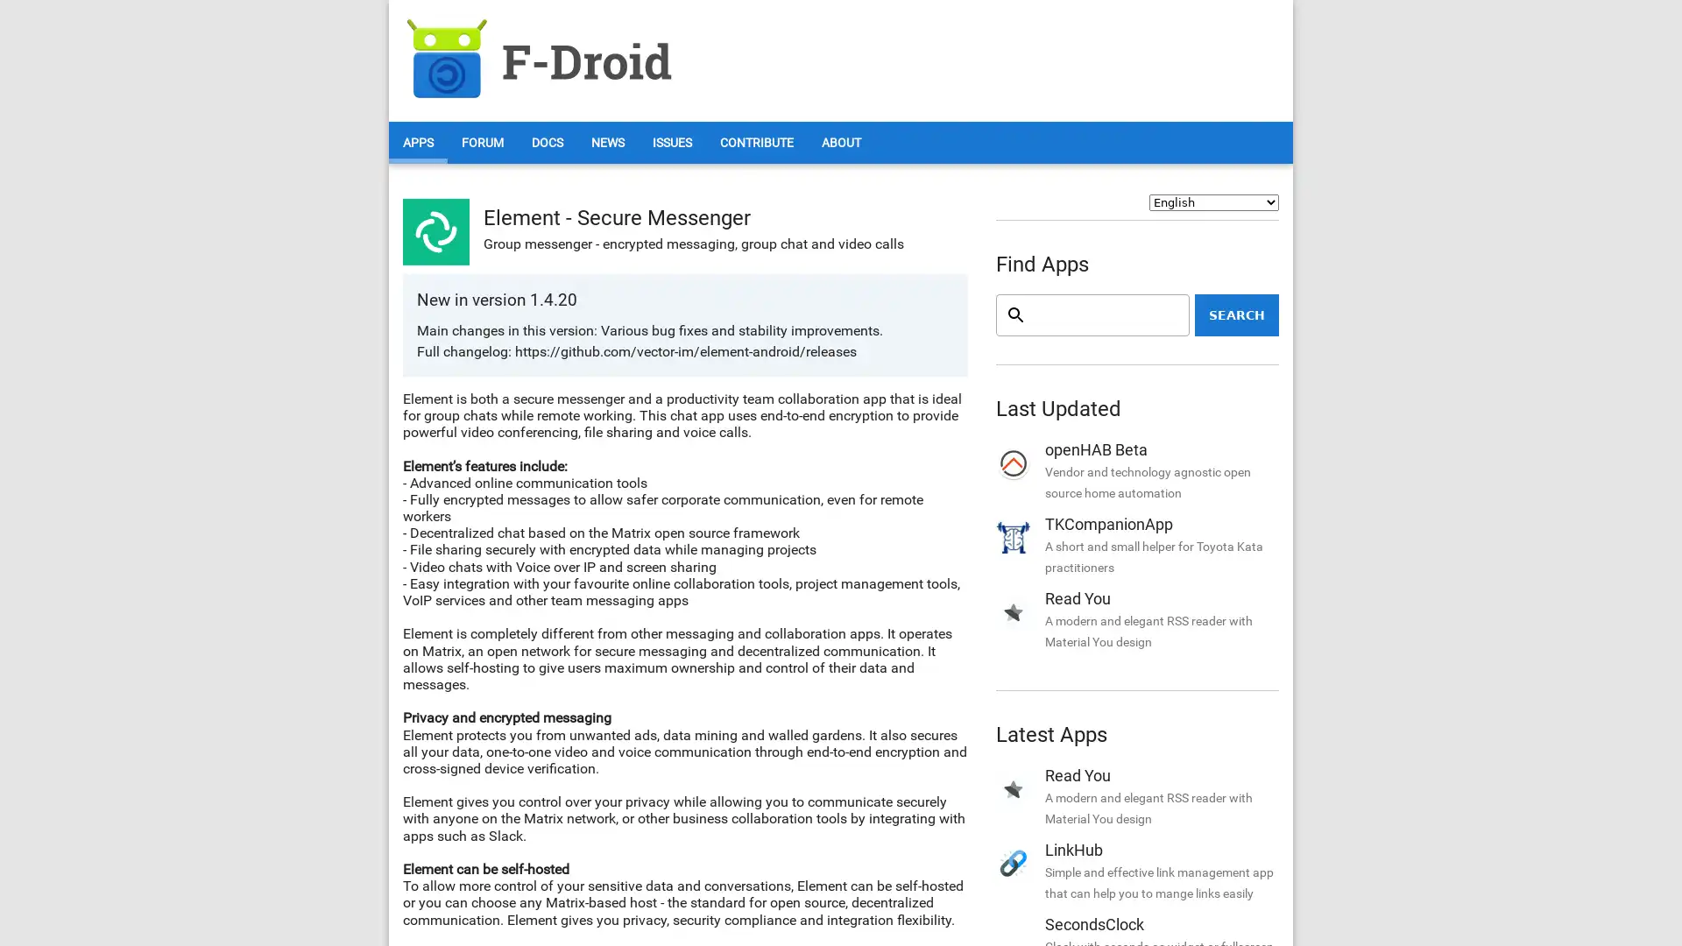 This screenshot has width=1682, height=946. What do you see at coordinates (1235, 313) in the screenshot?
I see `Search` at bounding box center [1235, 313].